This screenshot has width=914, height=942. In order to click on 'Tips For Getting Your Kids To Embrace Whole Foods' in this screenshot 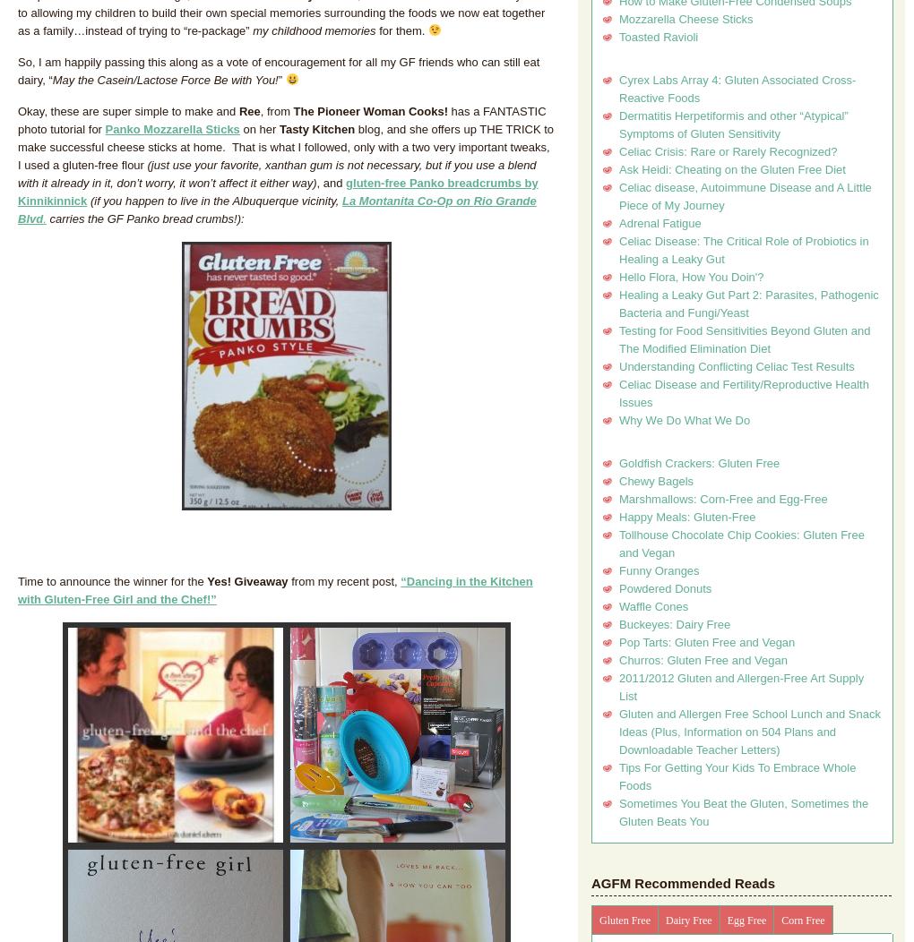, I will do `click(737, 775)`.